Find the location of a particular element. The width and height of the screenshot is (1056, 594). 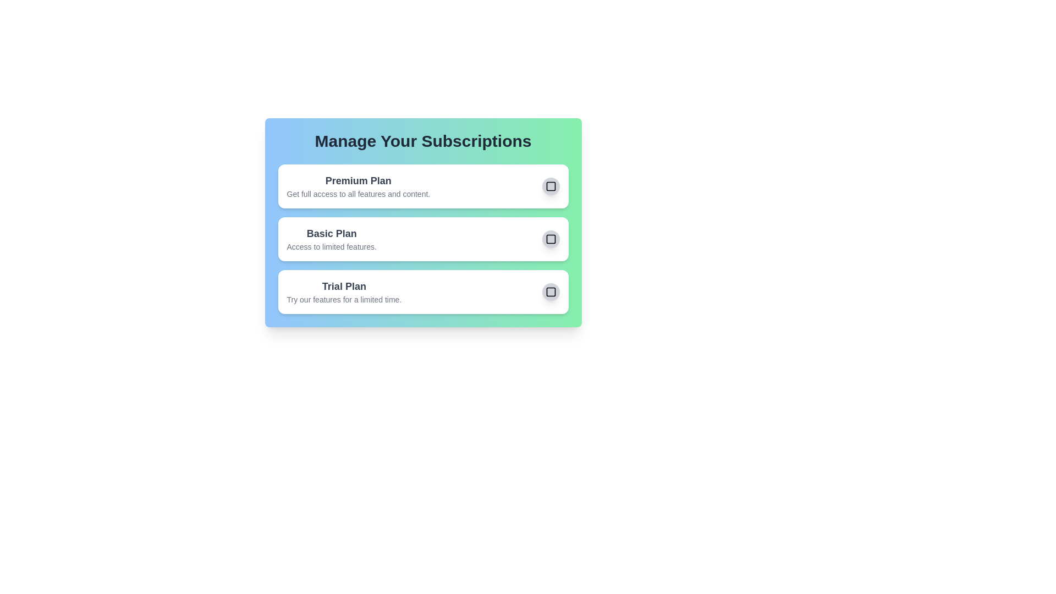

the square icon with a black outline and gray fill, located within the circular button on the far right of the 'Trial Plan' row in the subscription plans list is located at coordinates (551, 291).